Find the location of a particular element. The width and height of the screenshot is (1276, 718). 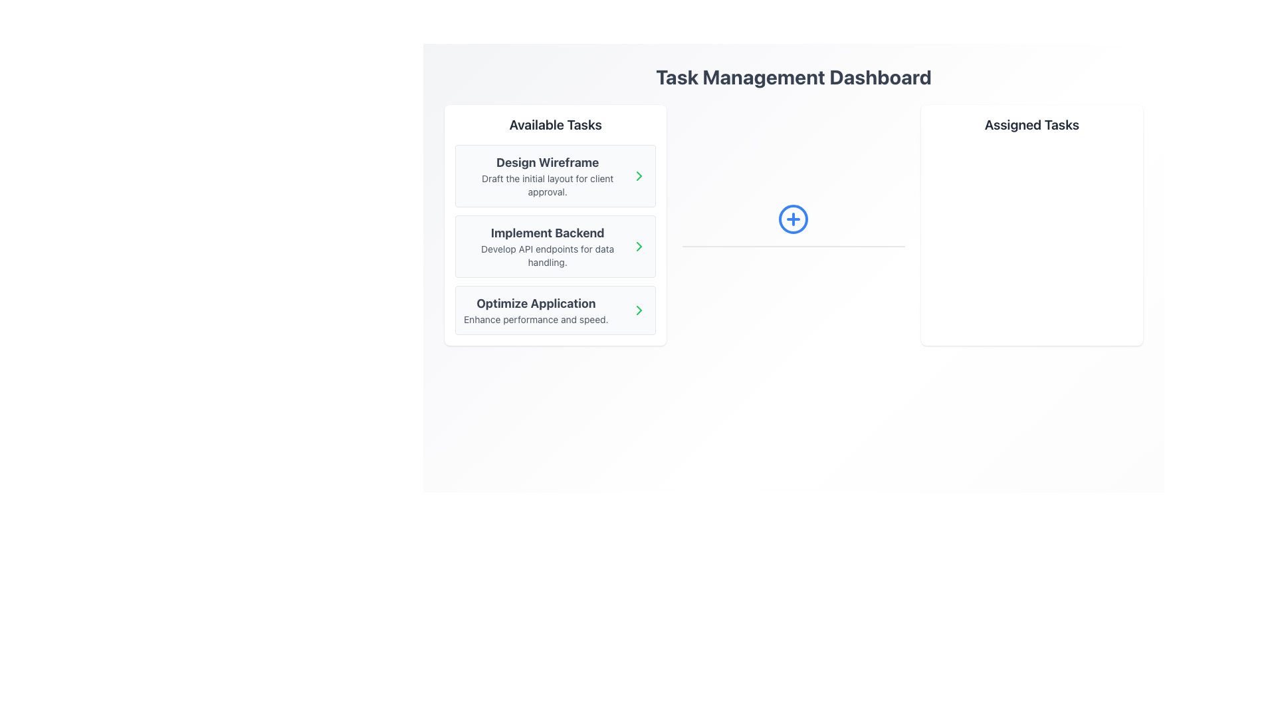

the Task Card element displaying 'Implement Backend' with a right-facing arrow icon, which is the second item in the 'Available Tasks' section is located at coordinates (556, 246).